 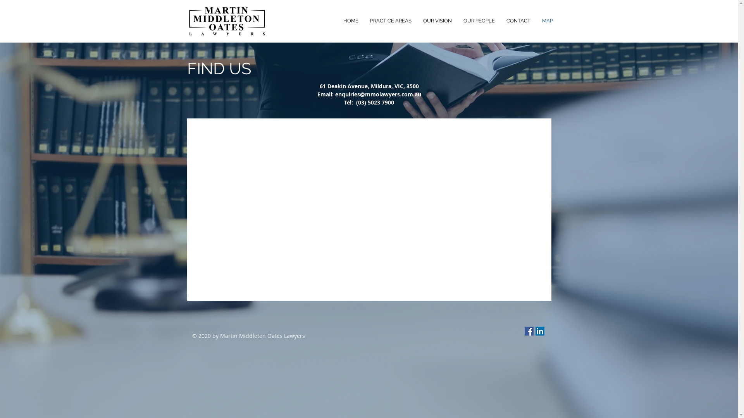 I want to click on 'OUR PEOPLE', so click(x=478, y=21).